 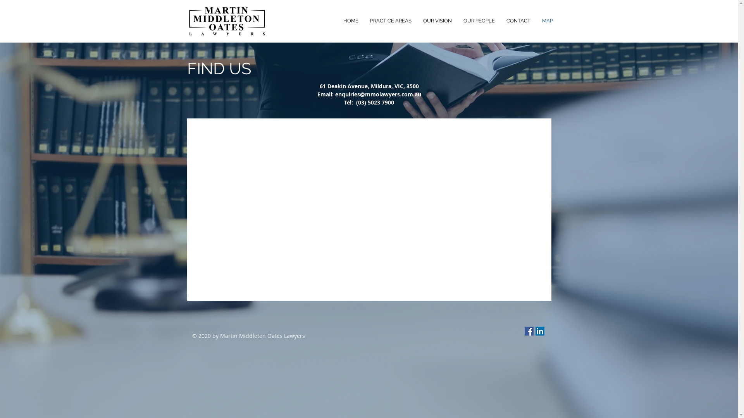 I want to click on 'OUR PEOPLE', so click(x=478, y=21).